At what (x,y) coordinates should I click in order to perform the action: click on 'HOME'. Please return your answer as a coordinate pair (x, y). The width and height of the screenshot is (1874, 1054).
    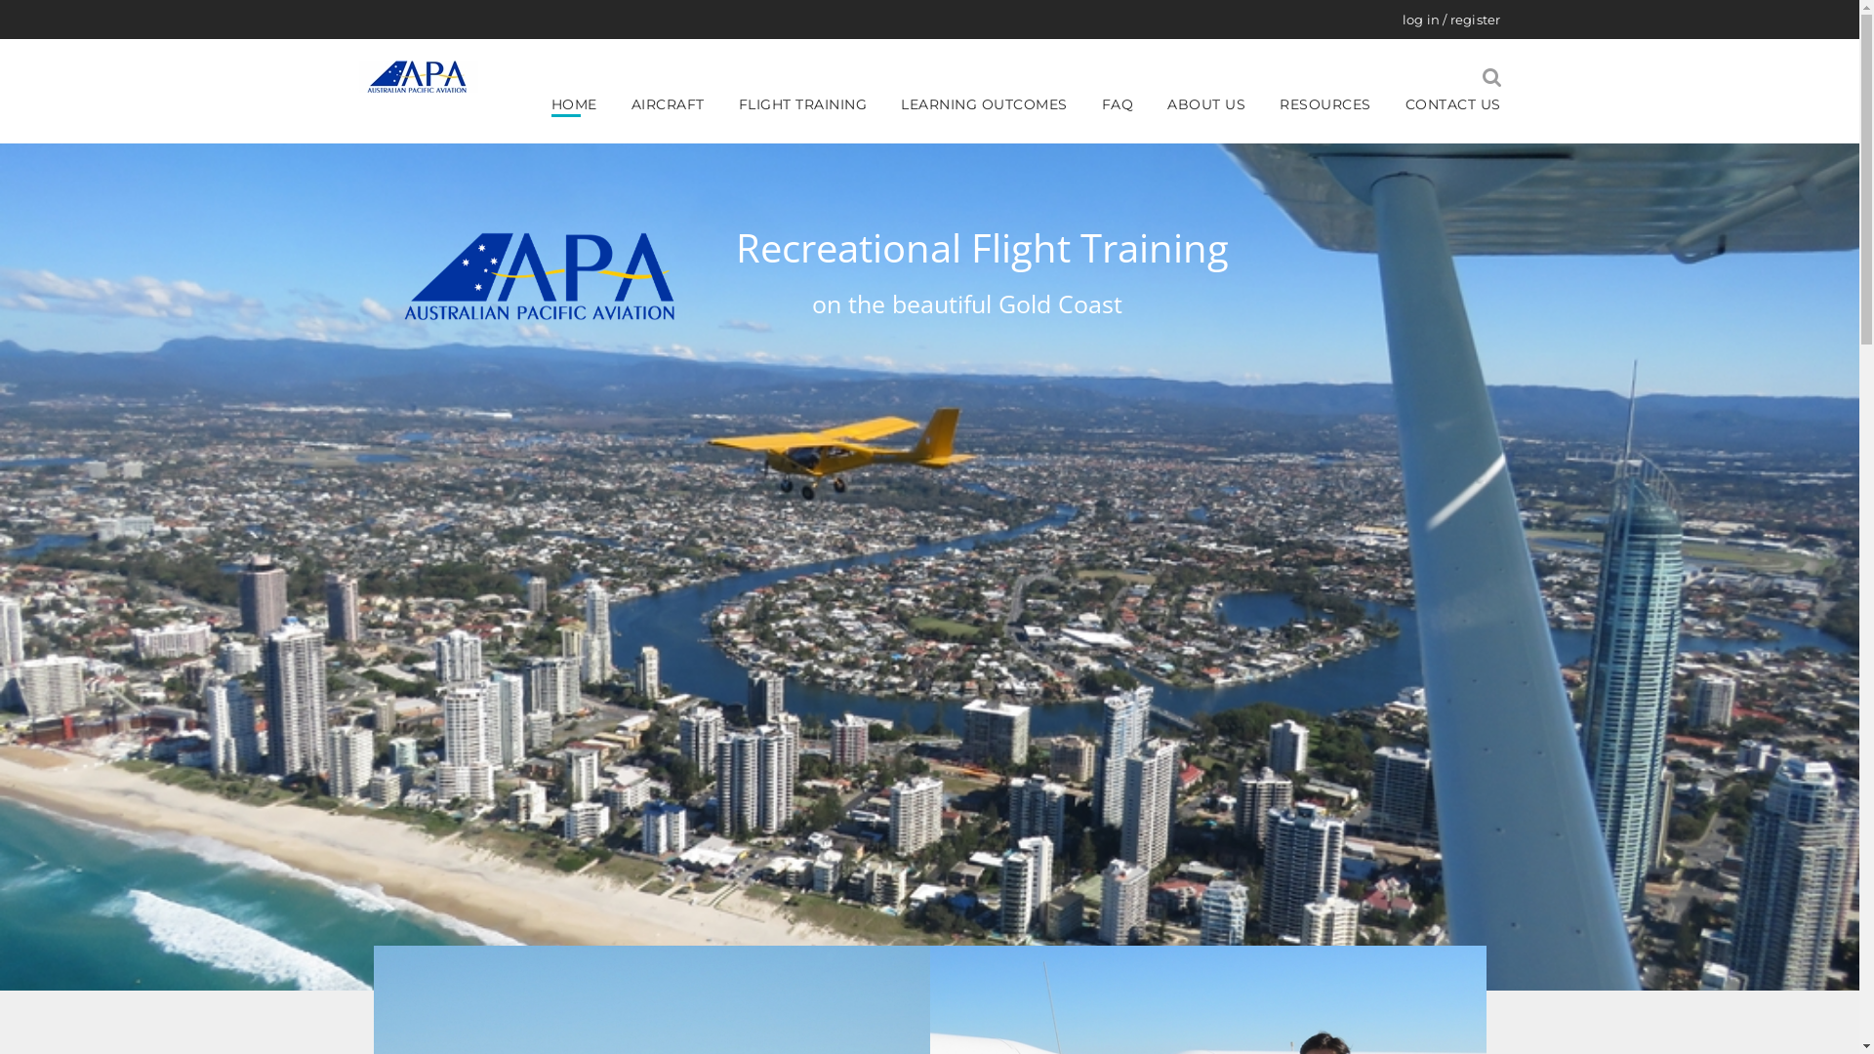
    Looking at the image, I should click on (585, 104).